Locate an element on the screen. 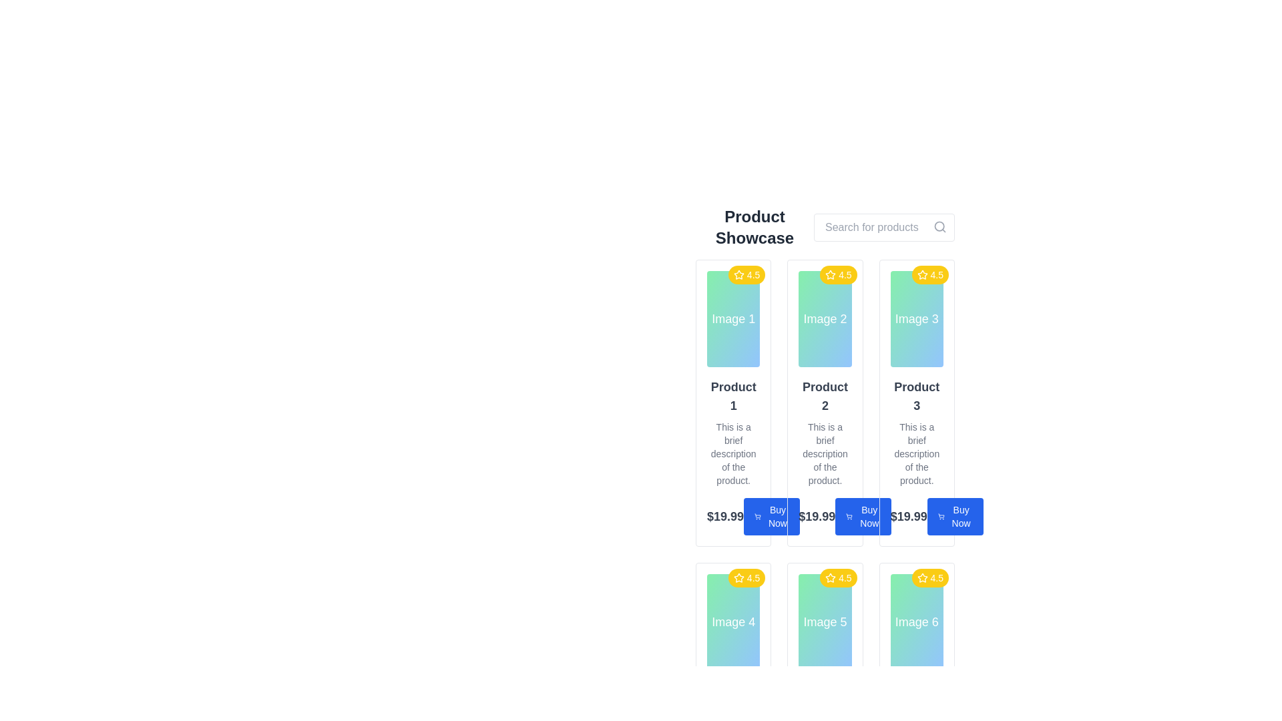  the 'Buy Now' button with a blue background and white text, located in the product card for 'Product 2' is located at coordinates (772, 516).